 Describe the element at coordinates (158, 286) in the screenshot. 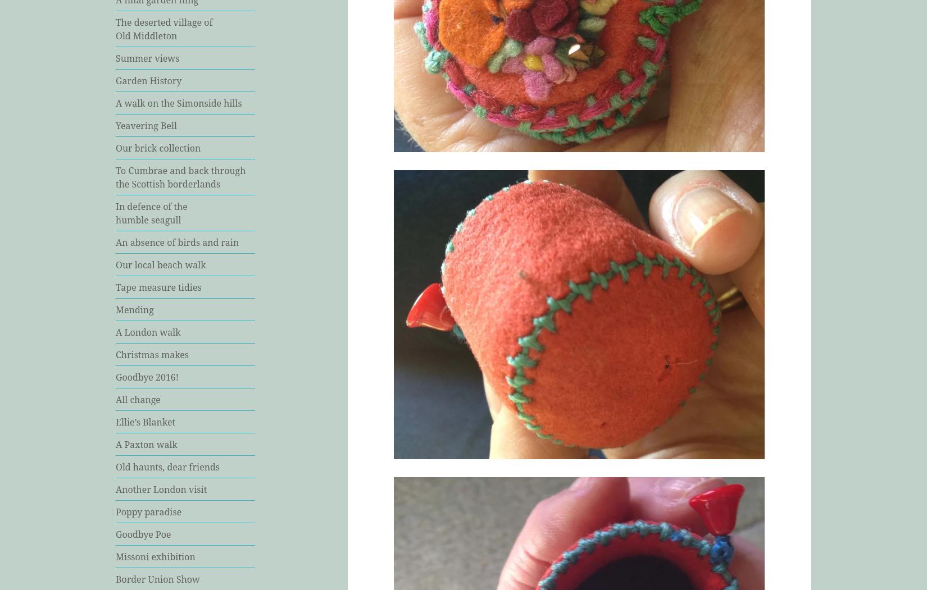

I see `'Tape measure tidies'` at that location.